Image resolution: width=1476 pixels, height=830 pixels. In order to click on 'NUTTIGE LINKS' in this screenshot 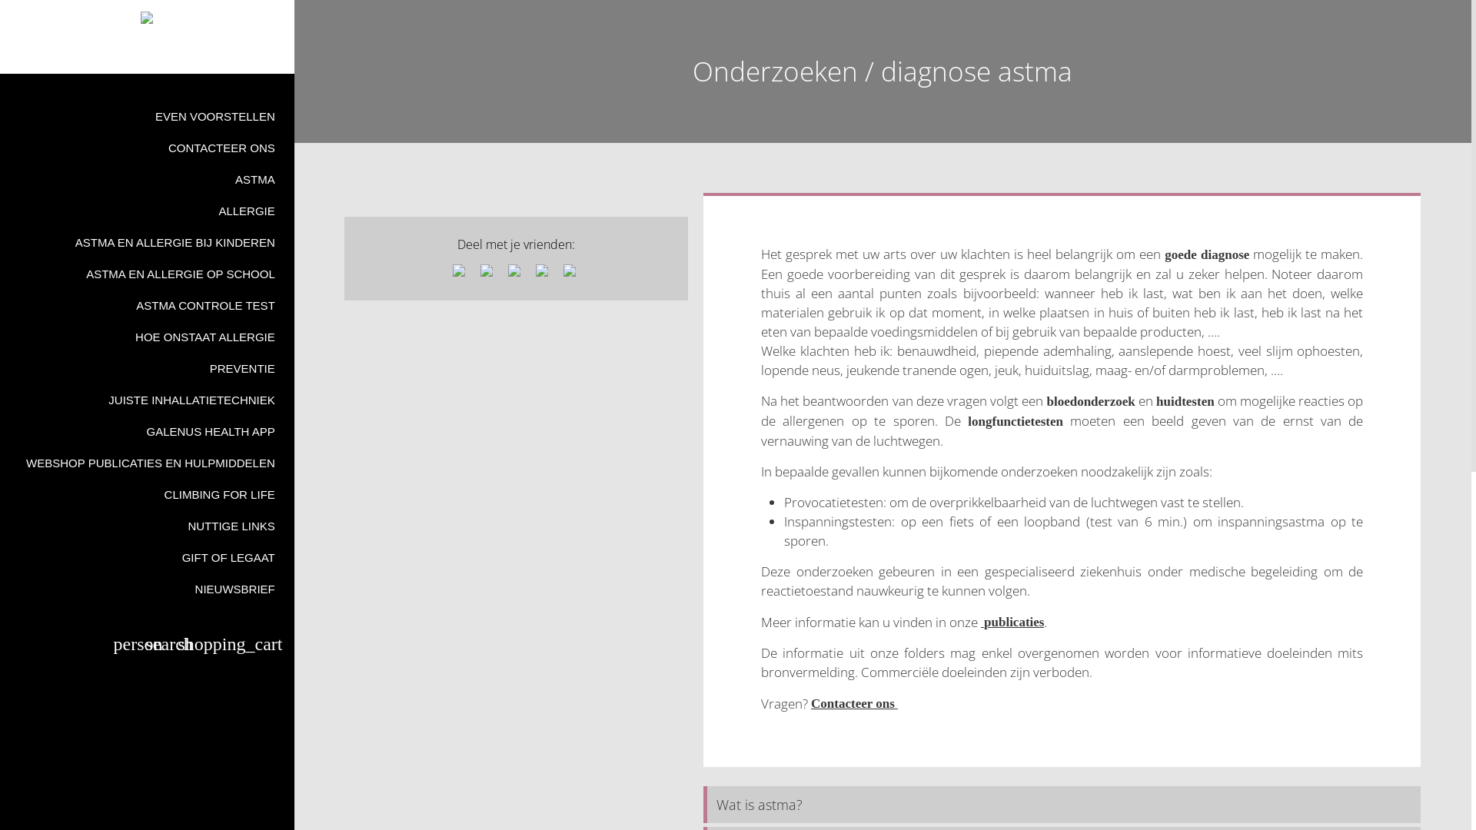, I will do `click(0, 525)`.